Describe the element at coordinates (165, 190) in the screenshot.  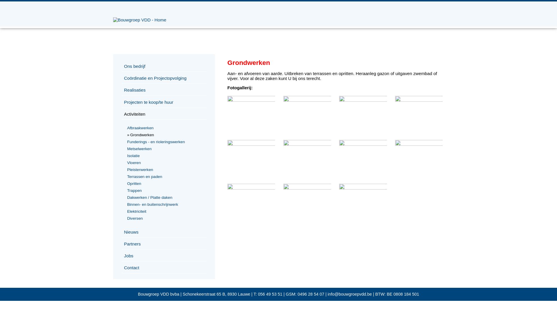
I see `'Trappen'` at that location.